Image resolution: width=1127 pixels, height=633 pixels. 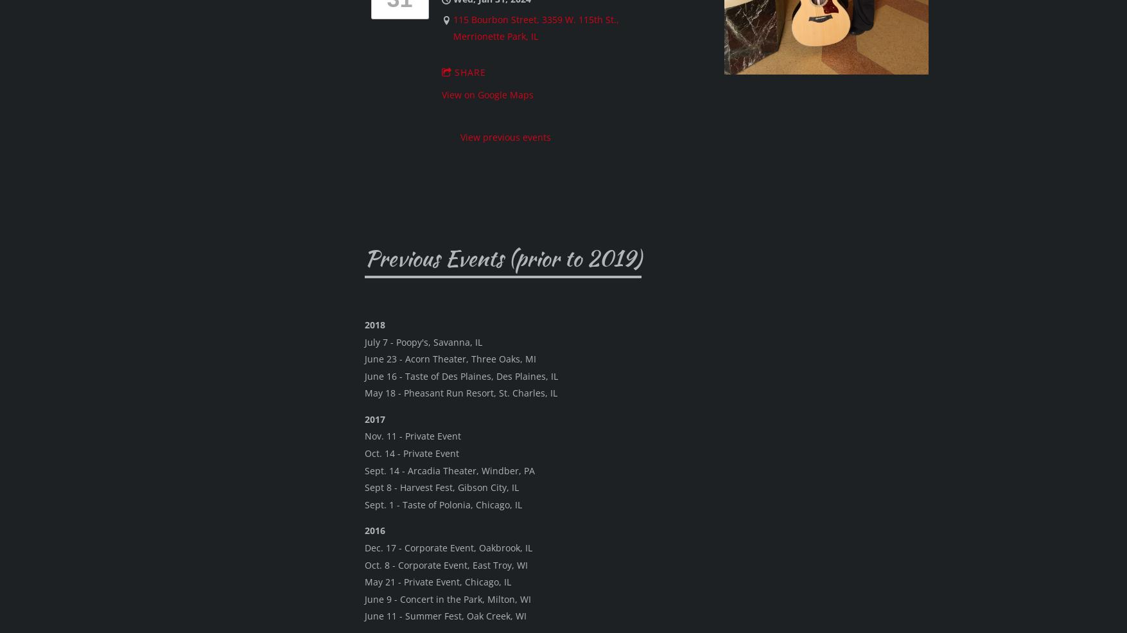 I want to click on 'Sept. 17 -', so click(x=363, y=30).